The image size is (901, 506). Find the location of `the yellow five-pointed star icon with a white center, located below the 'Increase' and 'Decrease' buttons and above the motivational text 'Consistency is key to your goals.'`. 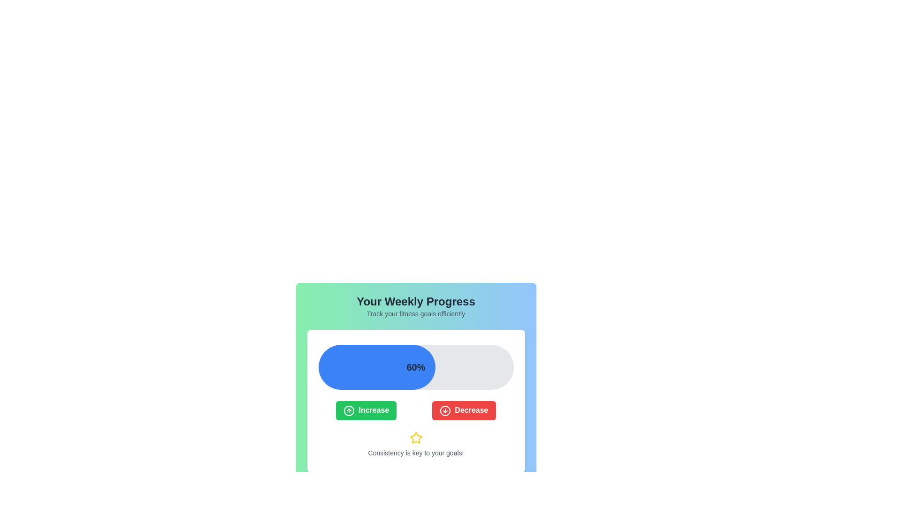

the yellow five-pointed star icon with a white center, located below the 'Increase' and 'Decrease' buttons and above the motivational text 'Consistency is key to your goals.' is located at coordinates (415, 438).